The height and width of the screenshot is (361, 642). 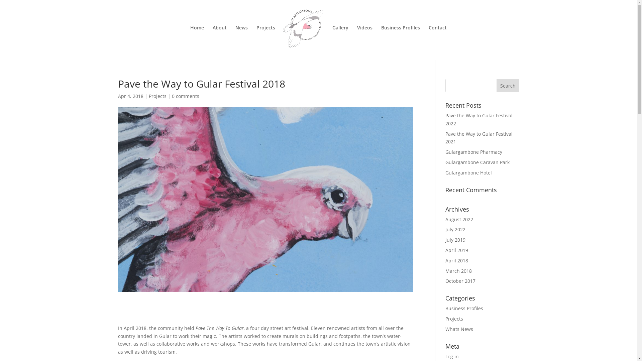 I want to click on 'News', so click(x=241, y=42).